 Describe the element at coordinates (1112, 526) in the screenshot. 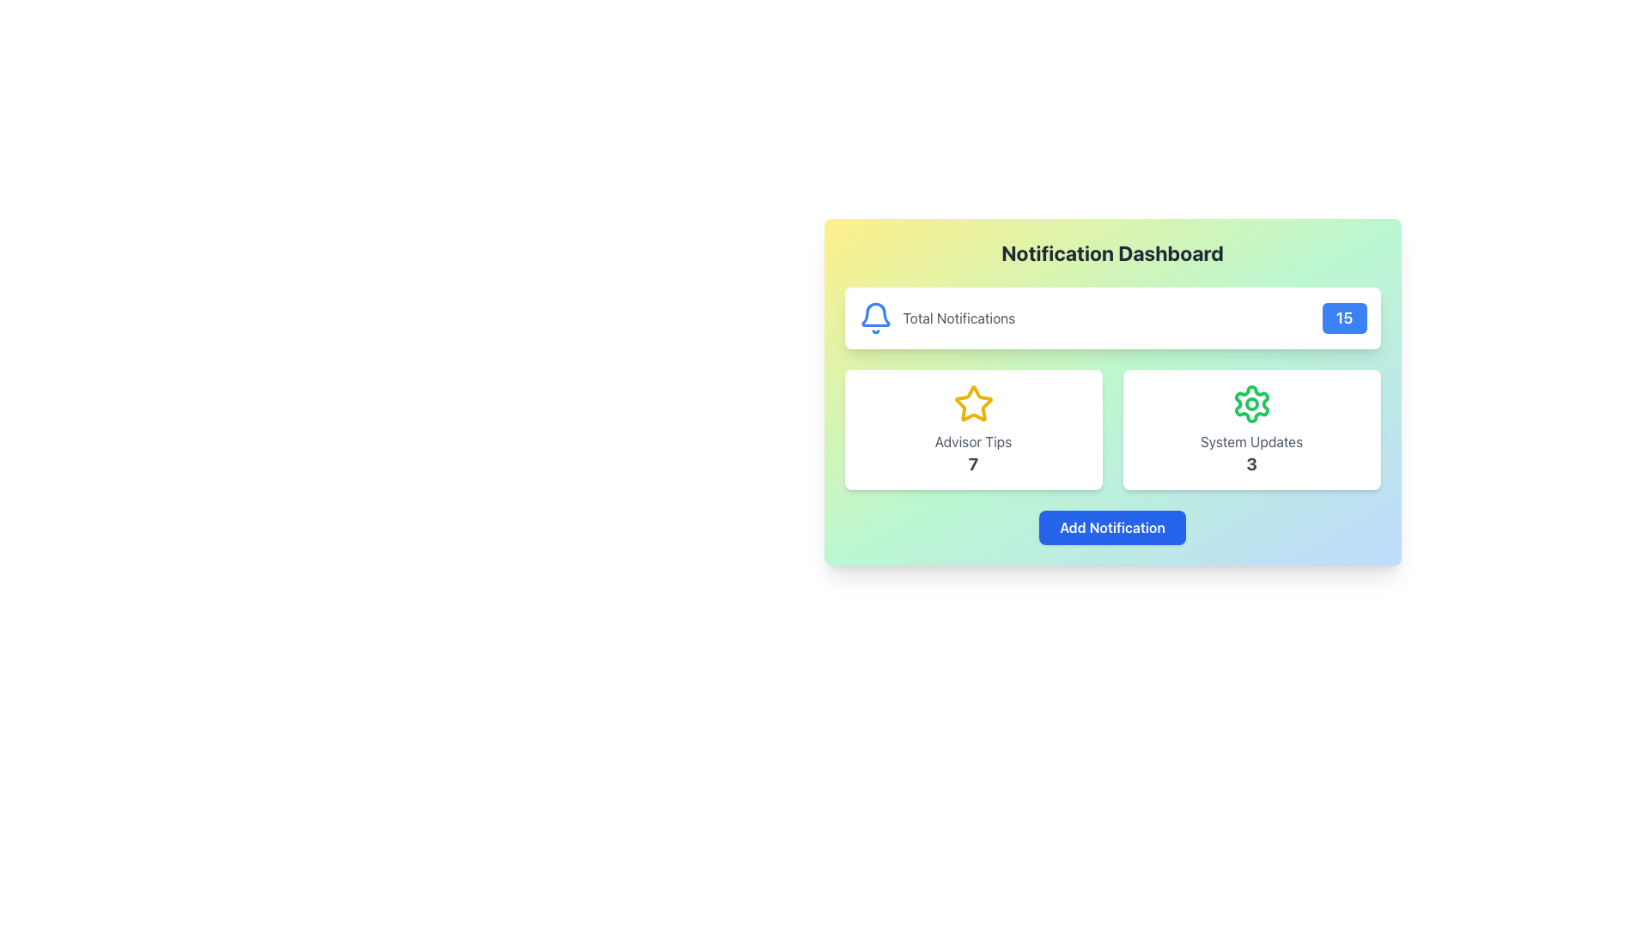

I see `the interactive button located at the bottom-center of the notification dashboard` at that location.